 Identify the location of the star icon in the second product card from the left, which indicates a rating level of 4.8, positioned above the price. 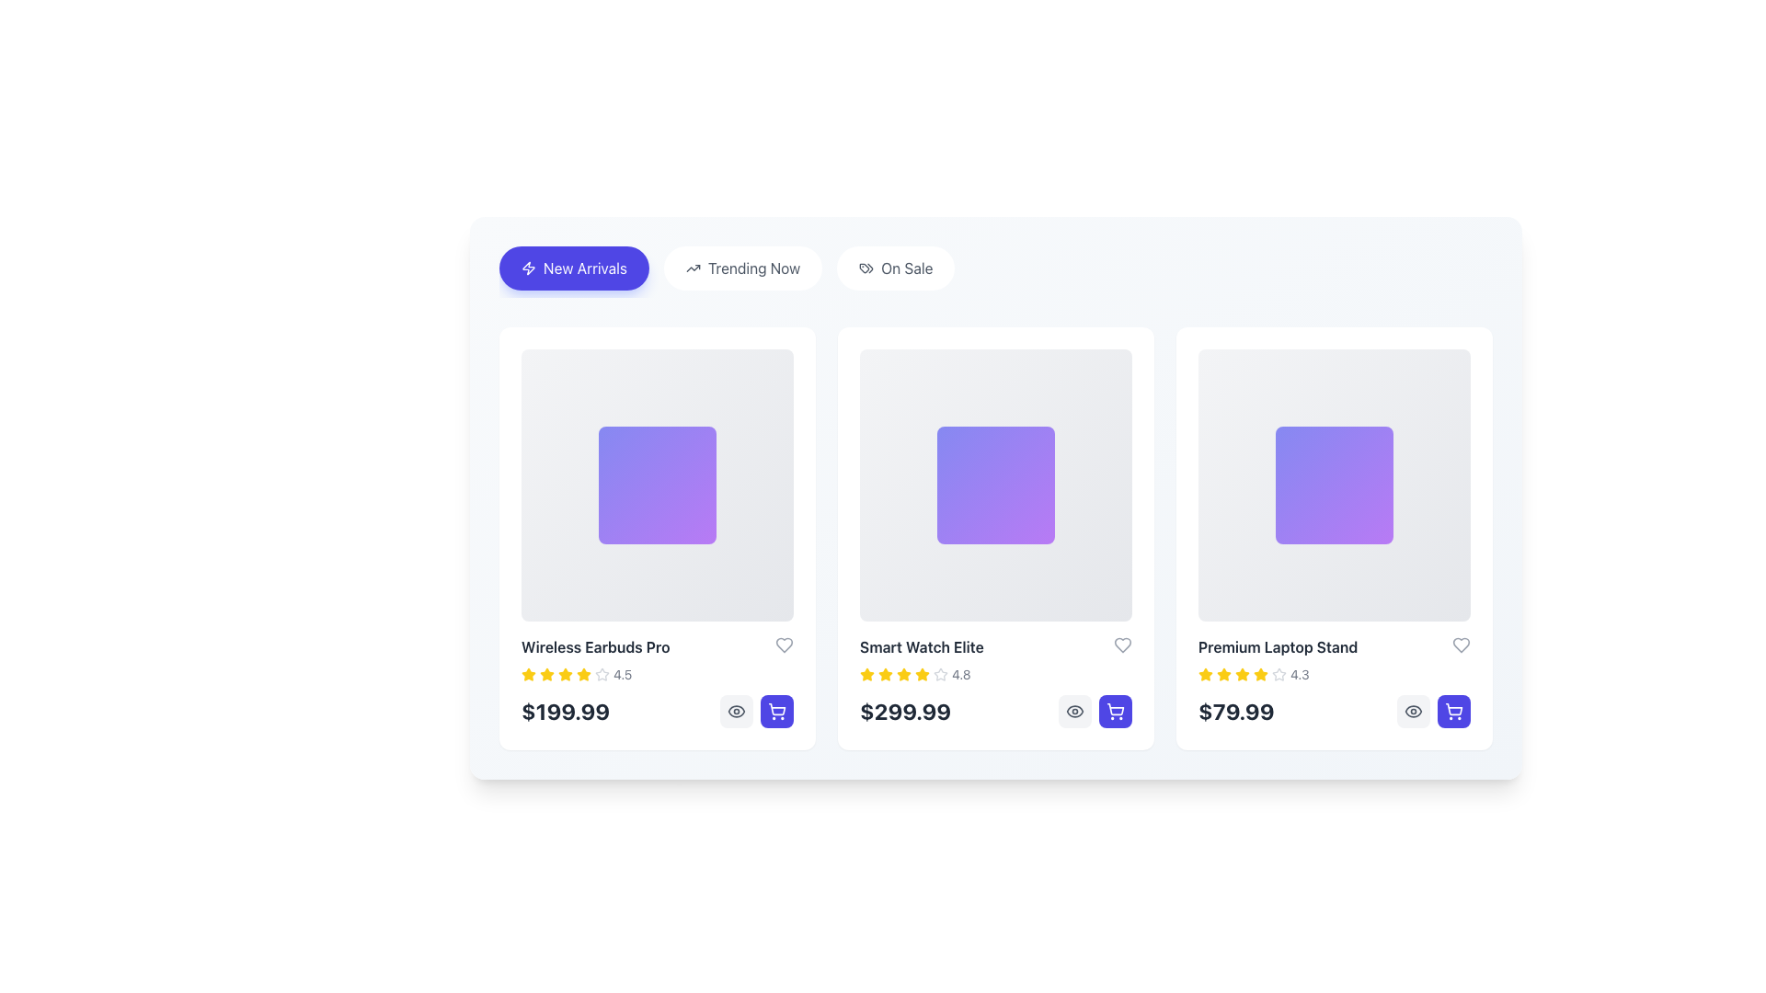
(923, 674).